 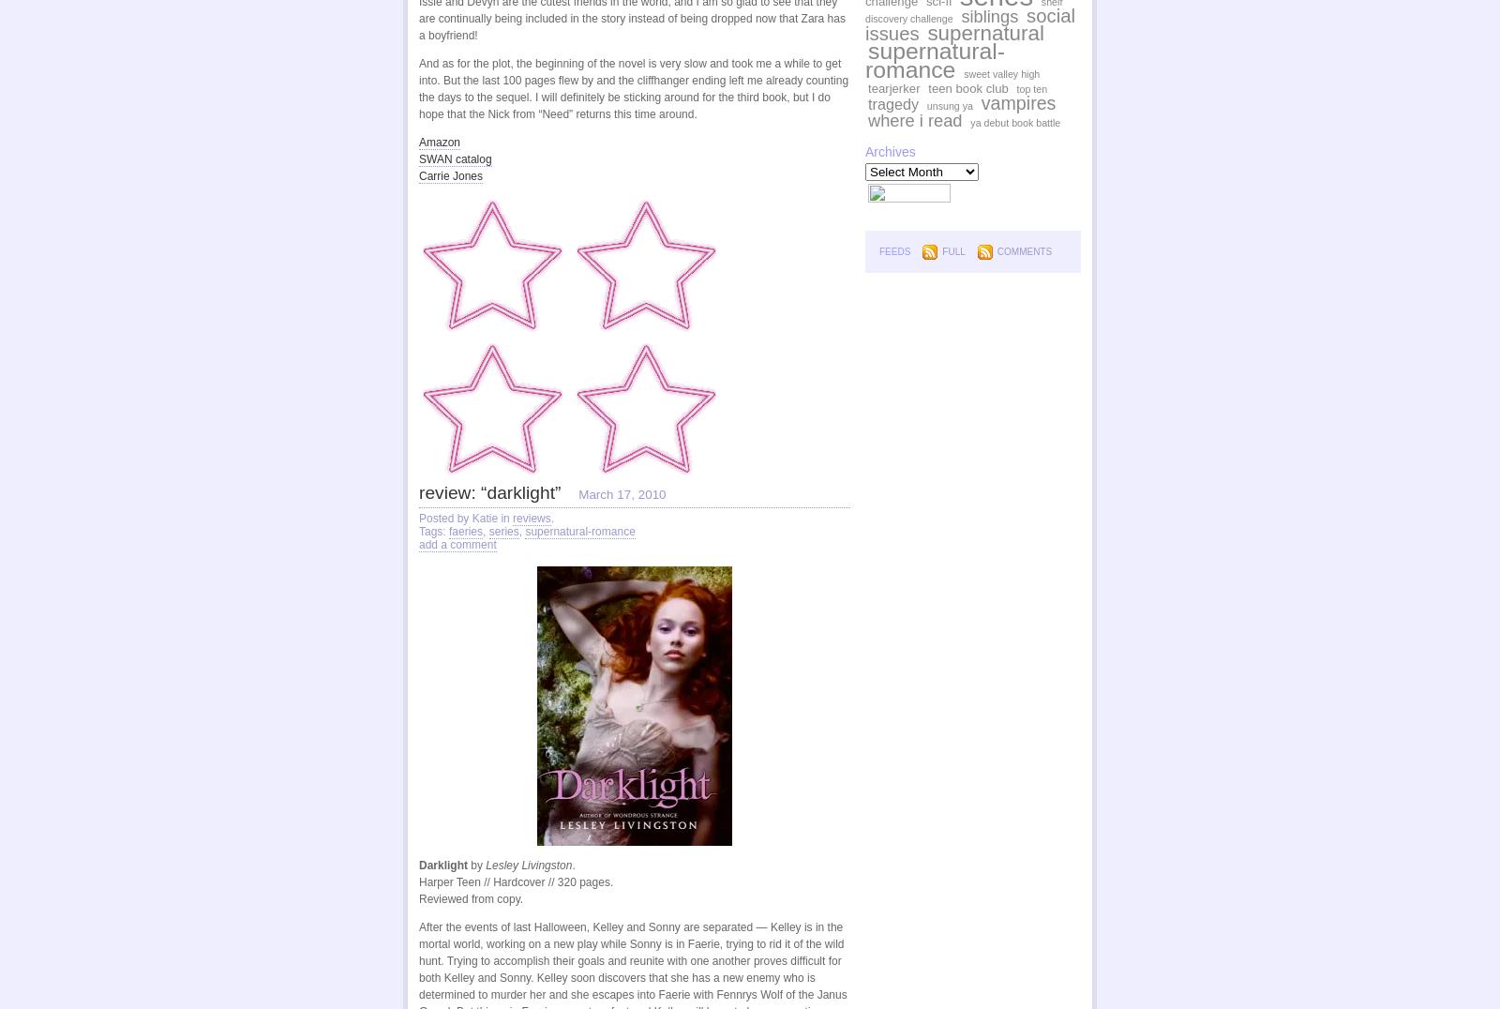 I want to click on 'Darklight', so click(x=418, y=864).